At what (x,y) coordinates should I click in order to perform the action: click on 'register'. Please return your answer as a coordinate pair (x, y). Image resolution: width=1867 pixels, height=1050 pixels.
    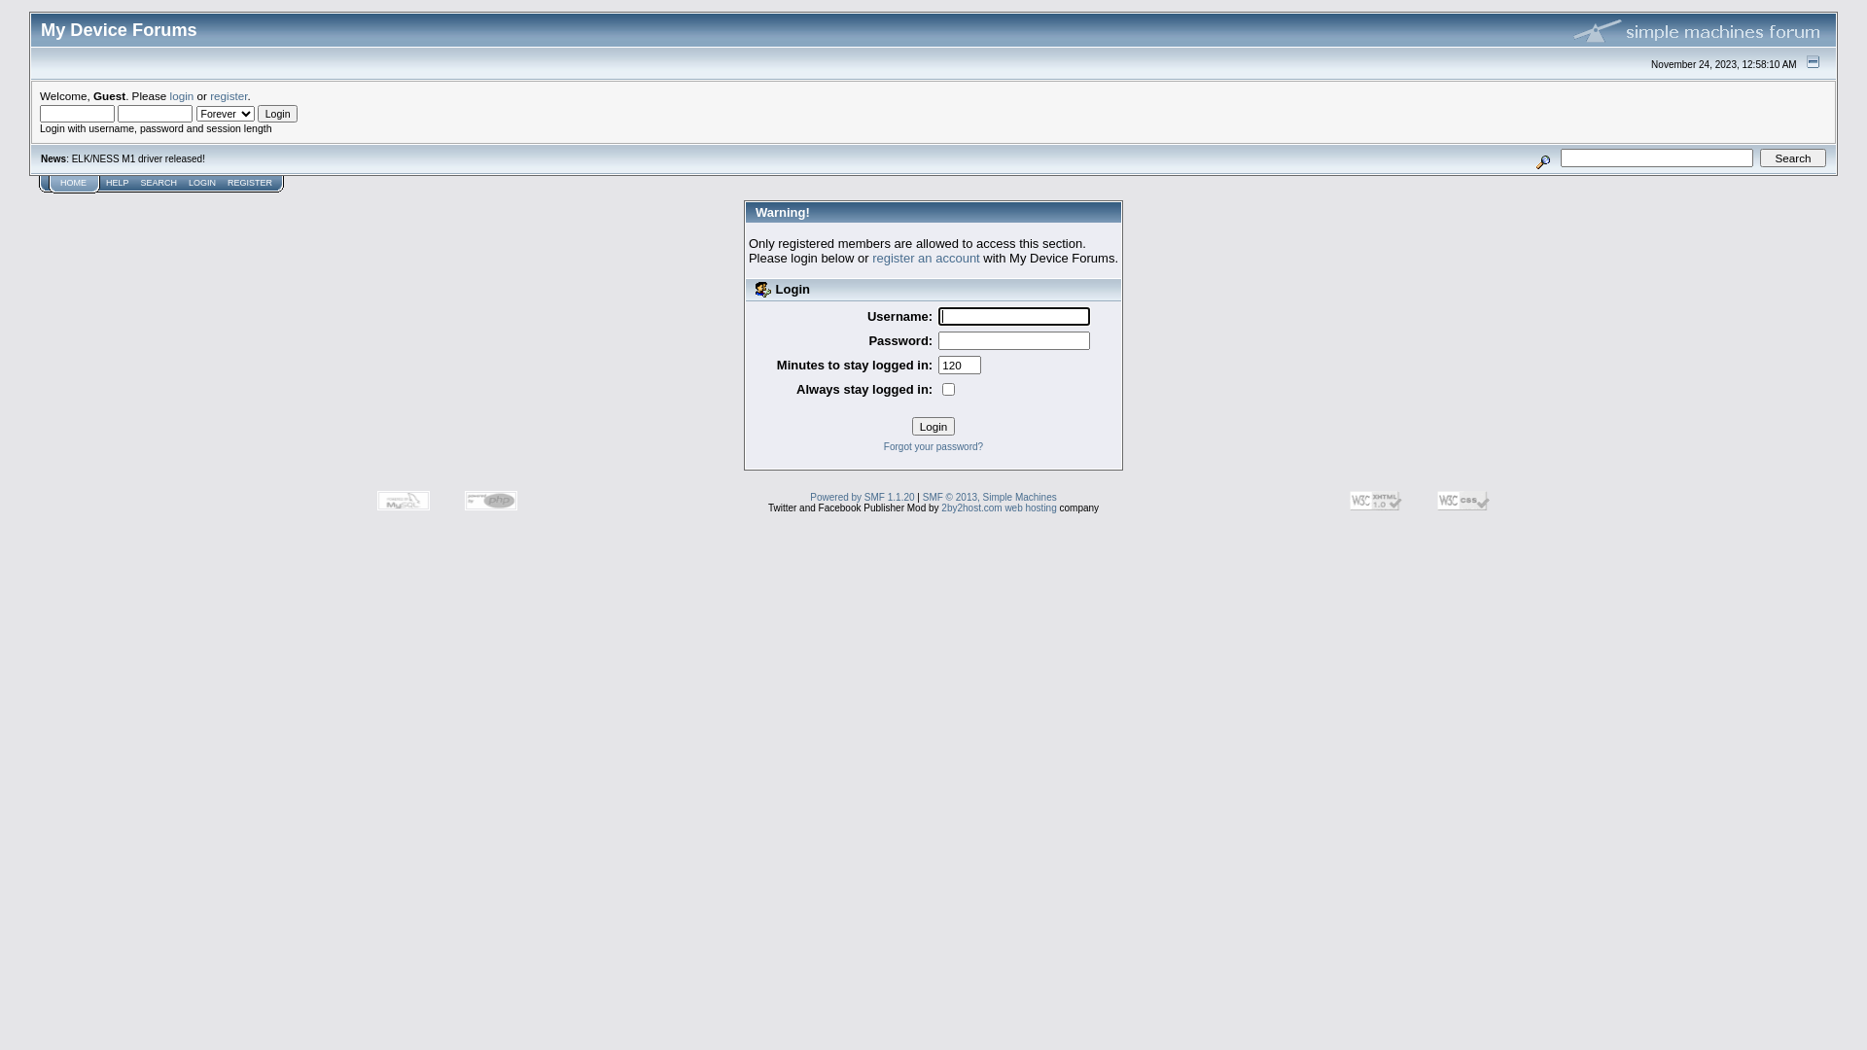
    Looking at the image, I should click on (229, 95).